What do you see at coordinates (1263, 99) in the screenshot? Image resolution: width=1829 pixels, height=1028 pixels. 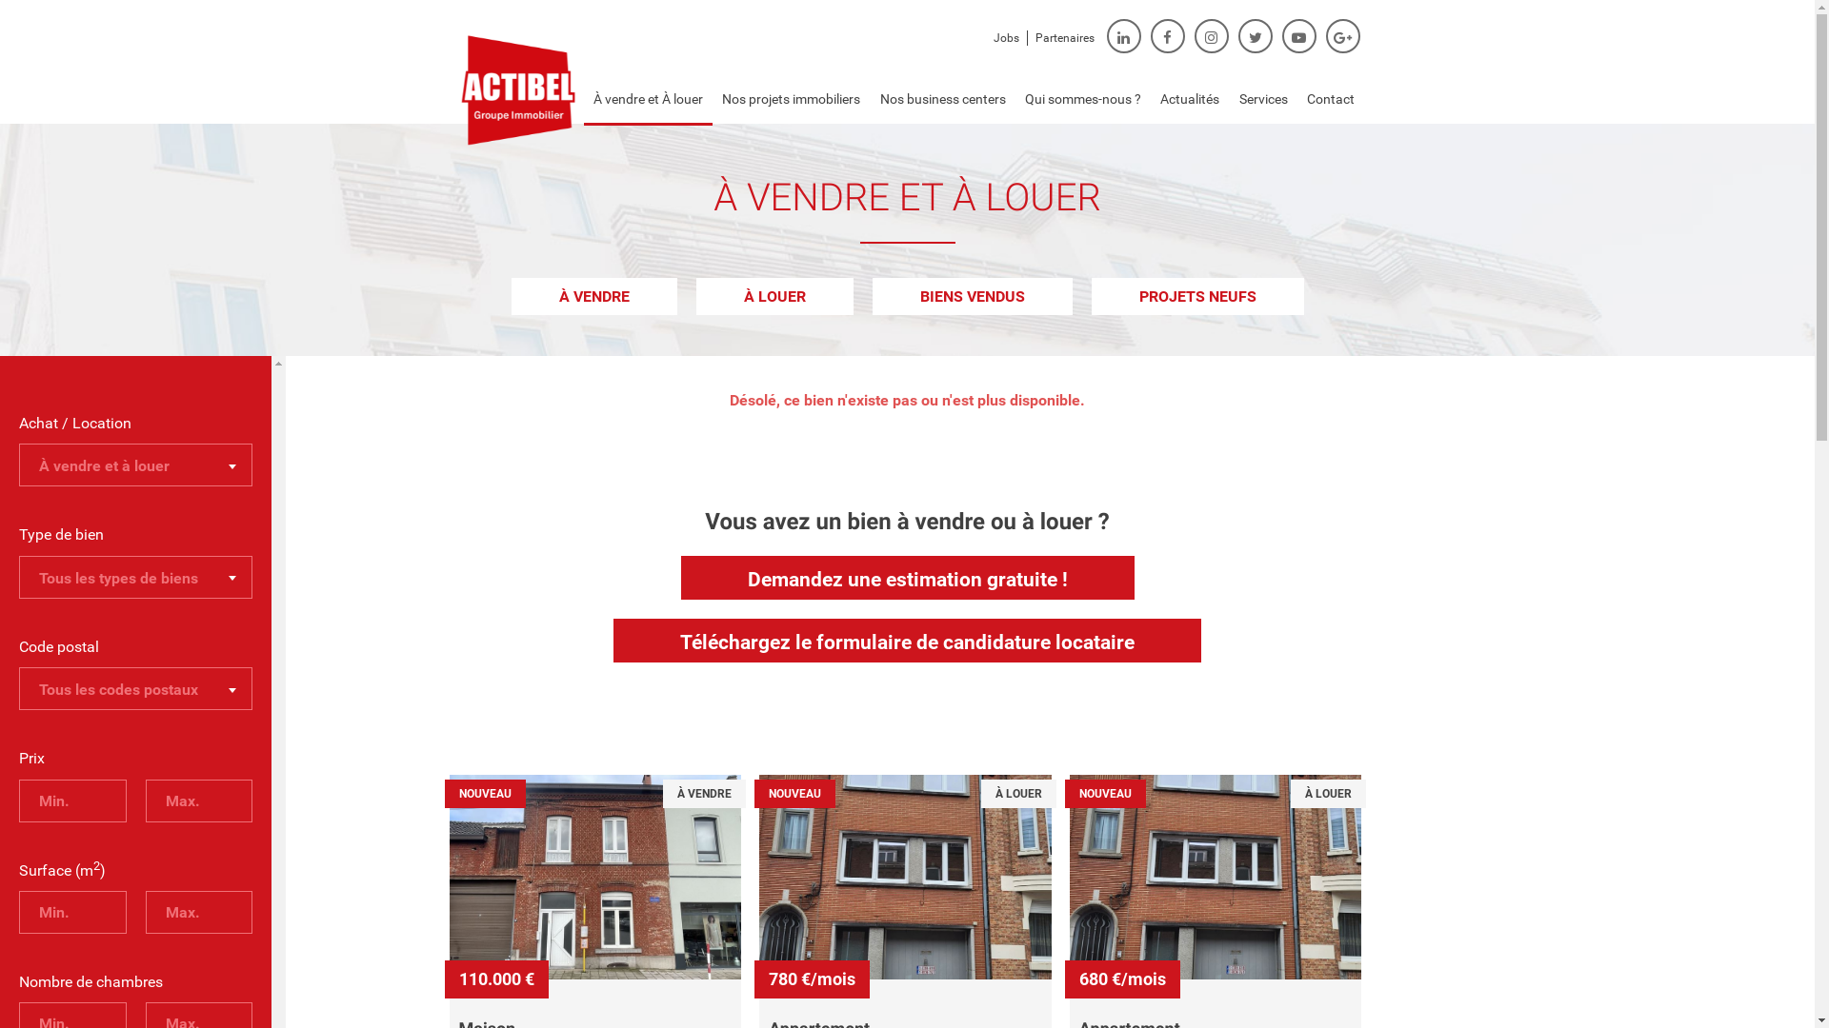 I see `'Services'` at bounding box center [1263, 99].